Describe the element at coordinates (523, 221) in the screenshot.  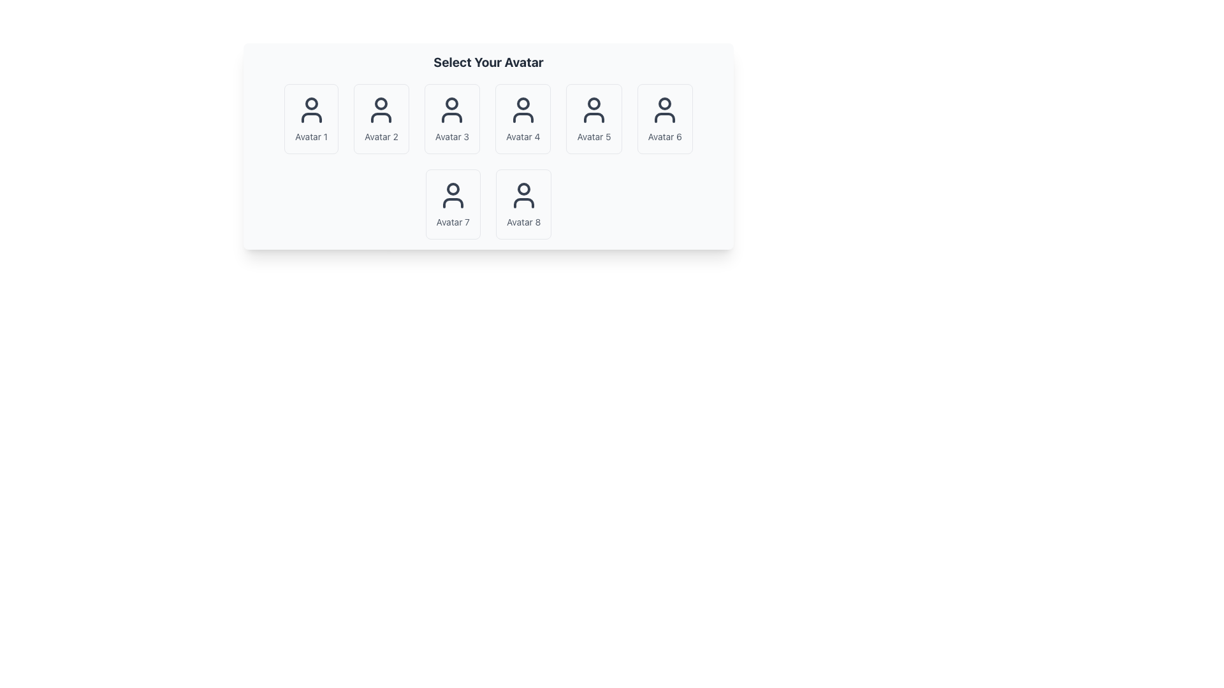
I see `text label 'Avatar 8', which is gray in color and located below the circular avatar icon in the last column of the avatar options grid` at that location.